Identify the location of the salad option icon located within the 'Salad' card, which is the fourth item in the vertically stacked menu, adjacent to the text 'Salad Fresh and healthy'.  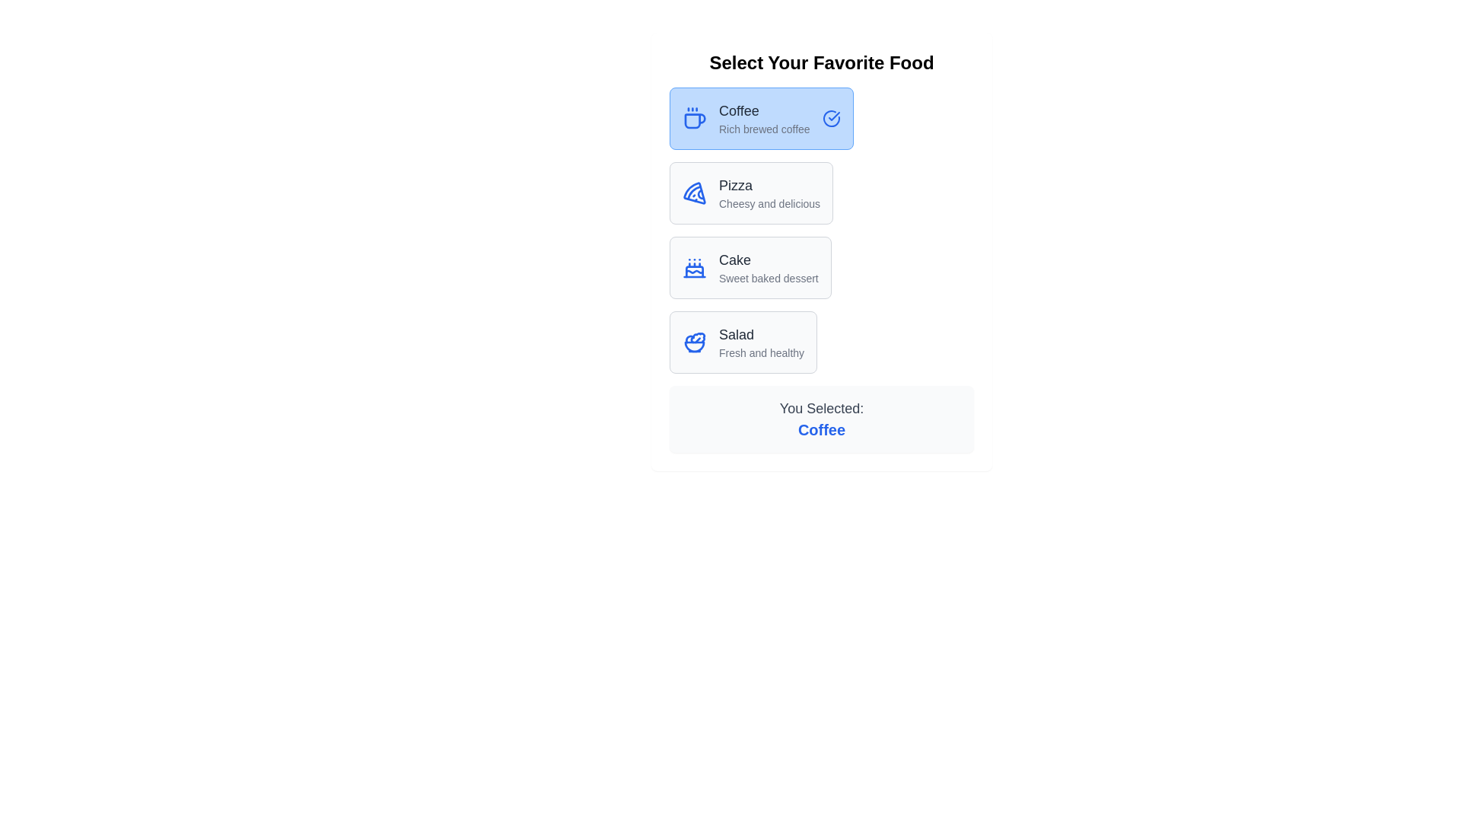
(693, 342).